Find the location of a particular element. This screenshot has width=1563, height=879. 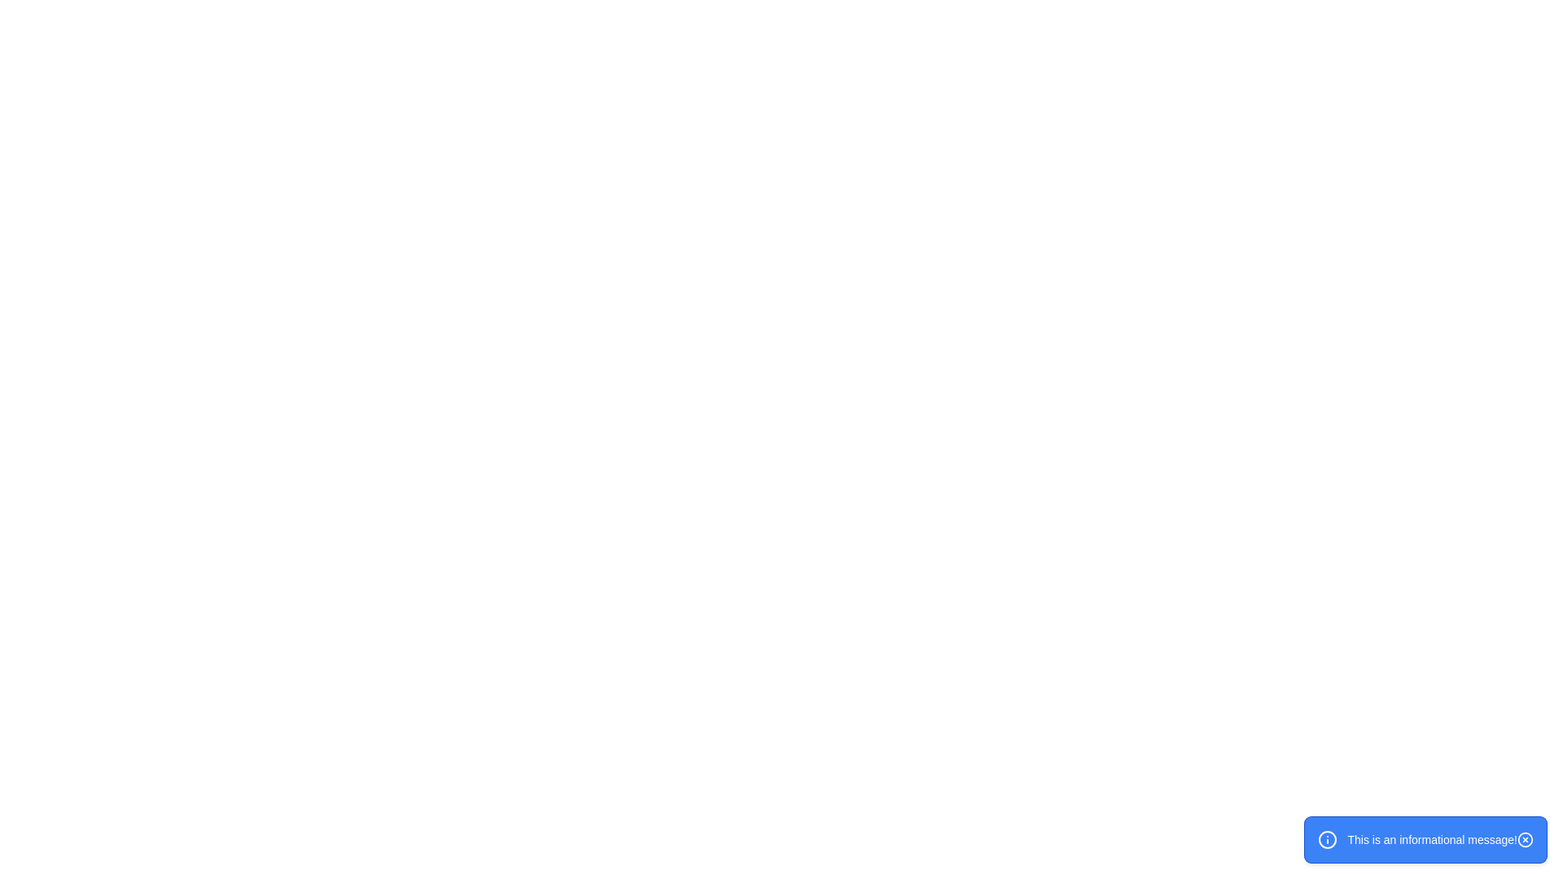

the close button of the snackbar to dismiss it is located at coordinates (1524, 840).